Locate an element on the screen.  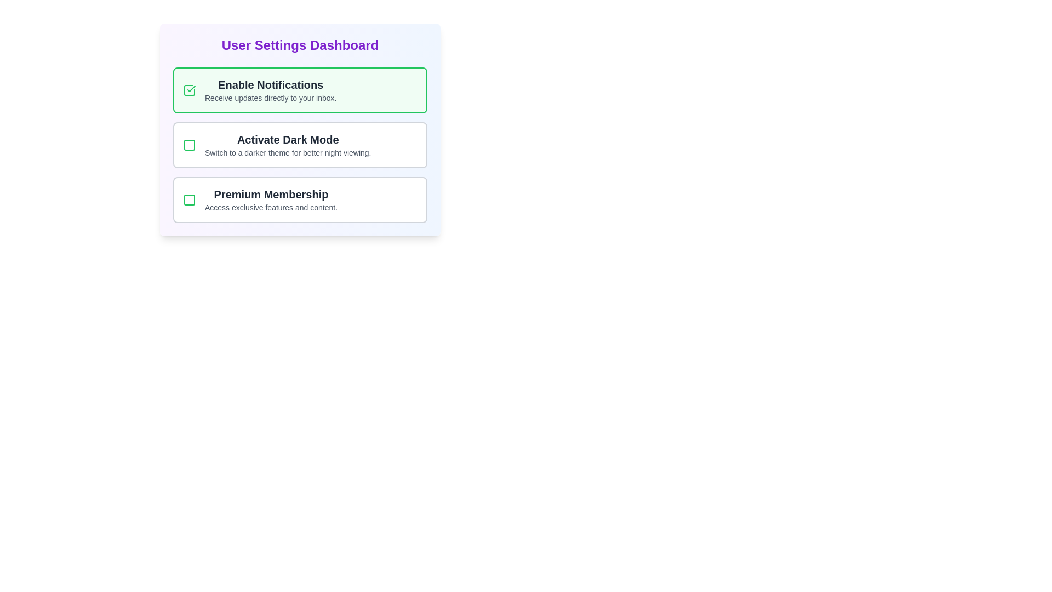
the inner rectangular shape inside the square icon associated with the 'Premium Membership' feature in the third row of the interface is located at coordinates (189, 200).